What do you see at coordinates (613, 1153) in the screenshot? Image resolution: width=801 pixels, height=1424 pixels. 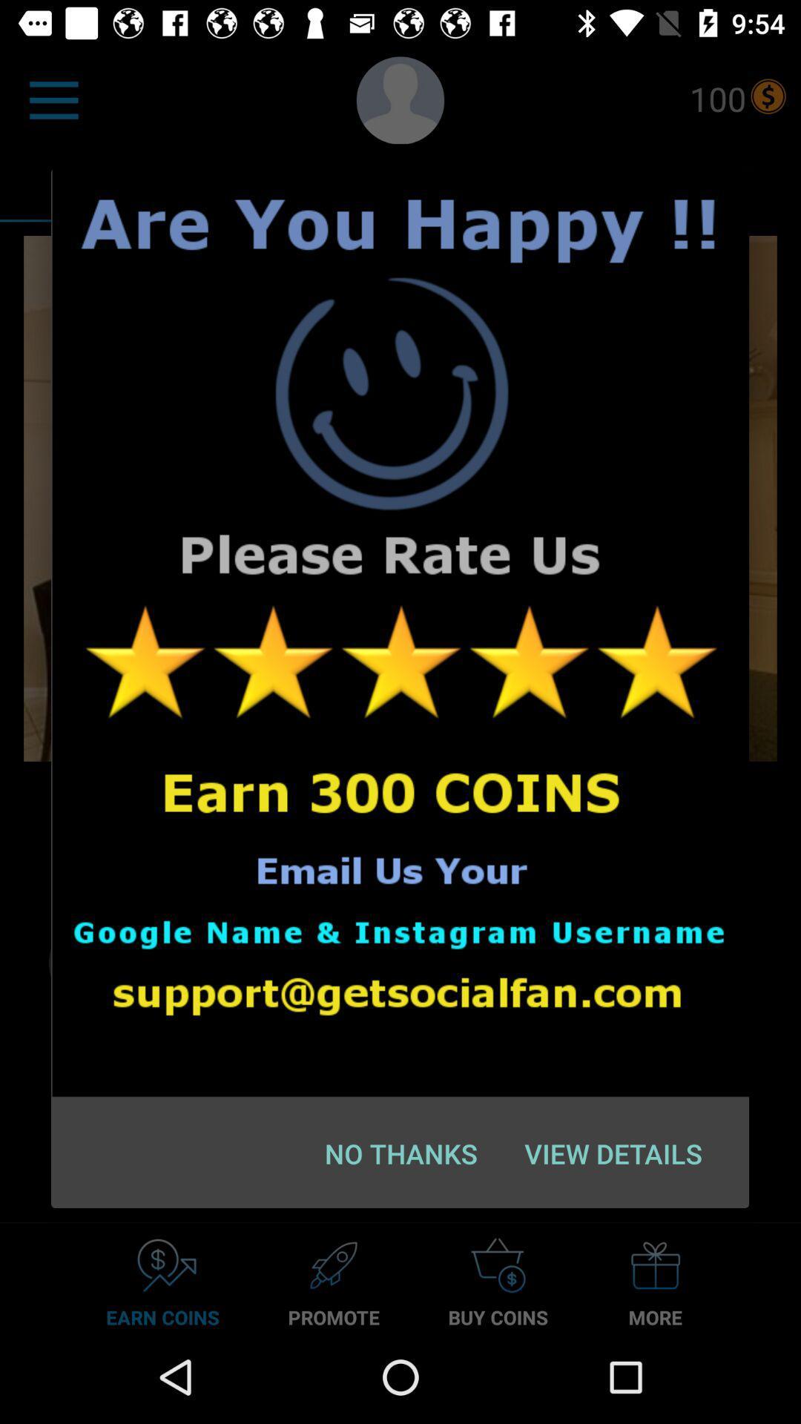 I see `the icon next to the no thanks item` at bounding box center [613, 1153].